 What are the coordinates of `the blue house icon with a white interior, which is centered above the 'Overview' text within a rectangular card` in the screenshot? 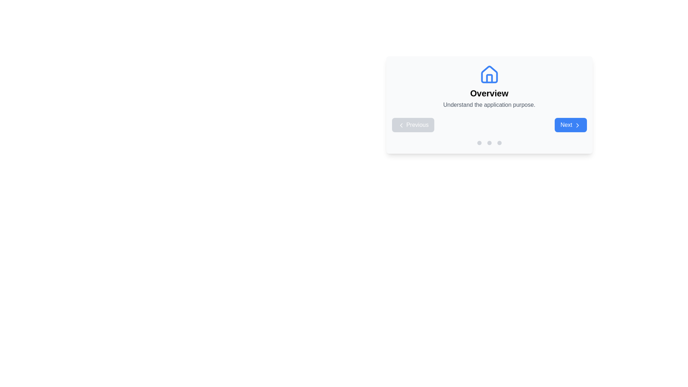 It's located at (489, 75).